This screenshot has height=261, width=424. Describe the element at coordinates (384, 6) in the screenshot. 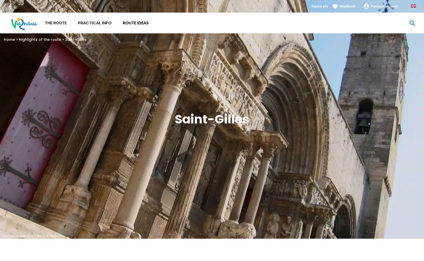

I see `'Personal account'` at that location.